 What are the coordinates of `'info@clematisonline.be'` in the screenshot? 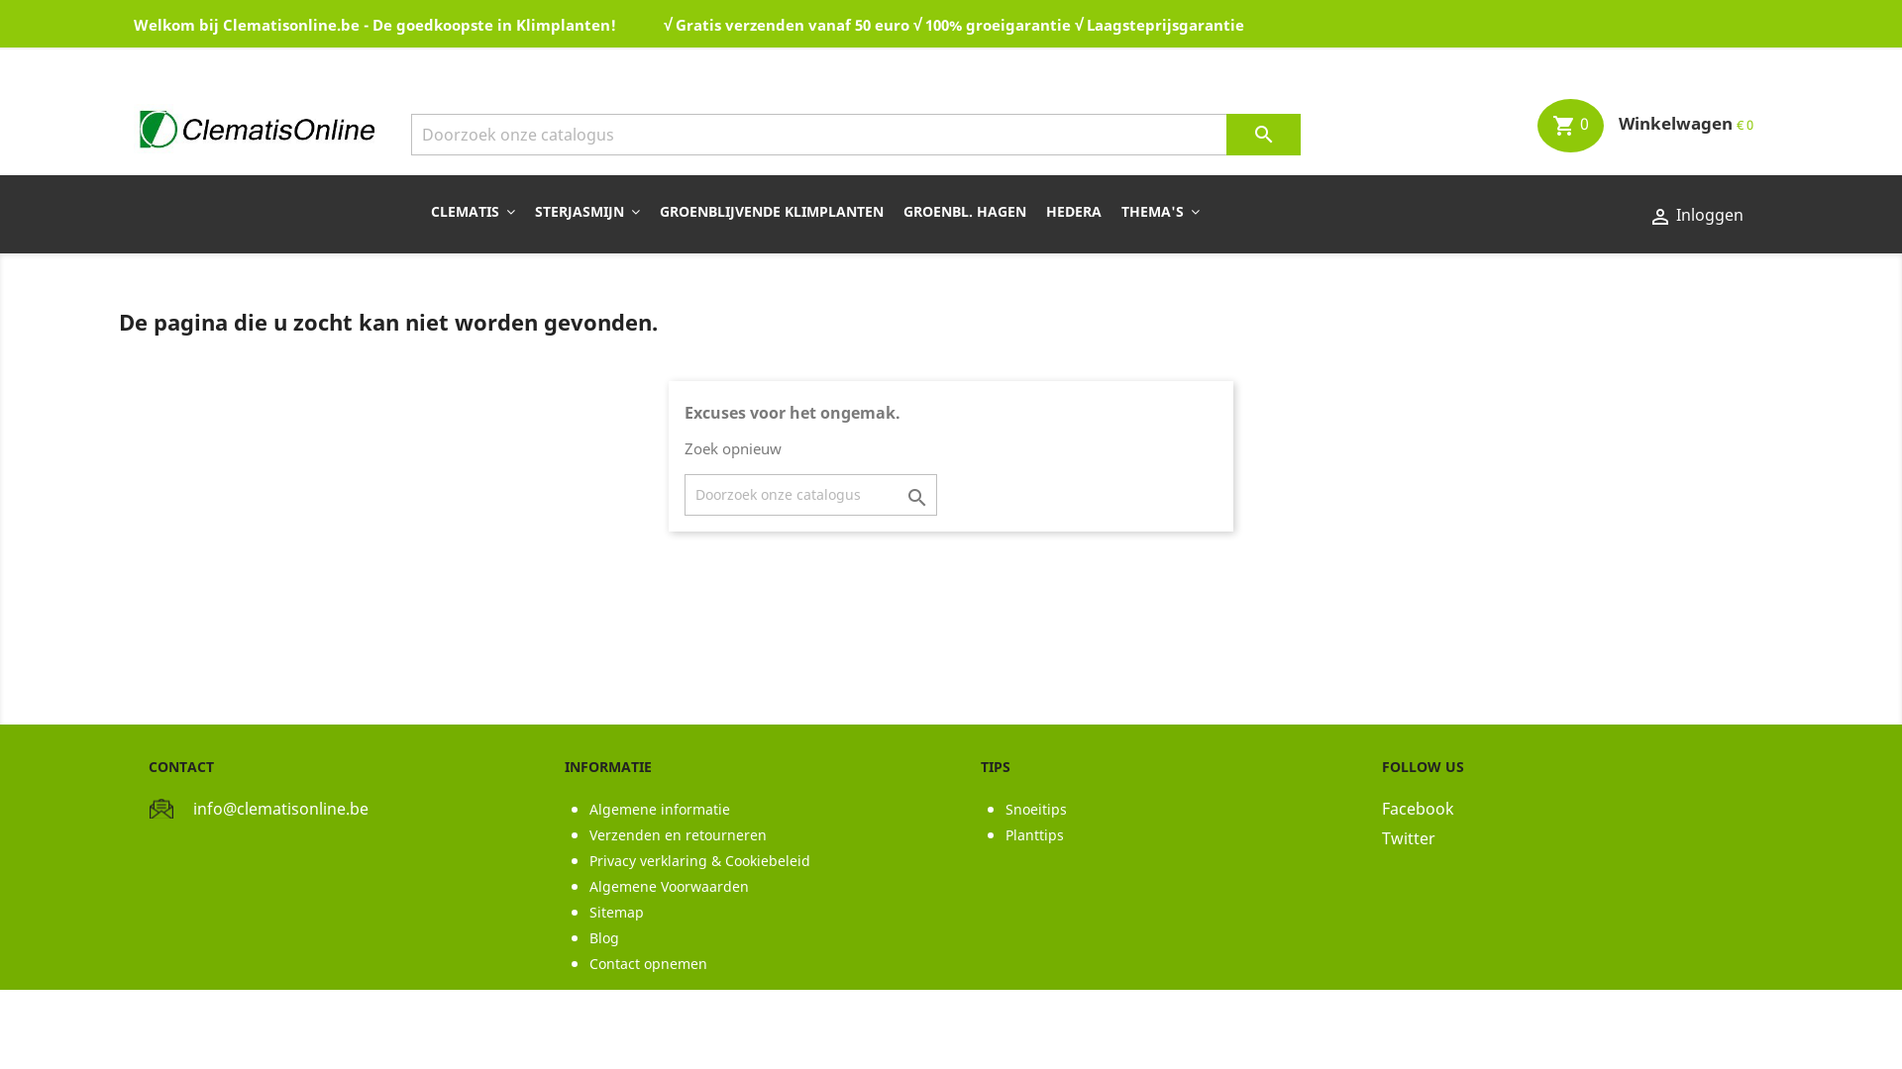 It's located at (279, 809).